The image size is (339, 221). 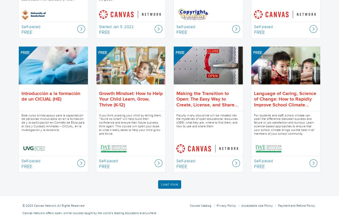 What do you see at coordinates (116, 26) in the screenshot?
I see `'Started Jan 5, 2022'` at bounding box center [116, 26].